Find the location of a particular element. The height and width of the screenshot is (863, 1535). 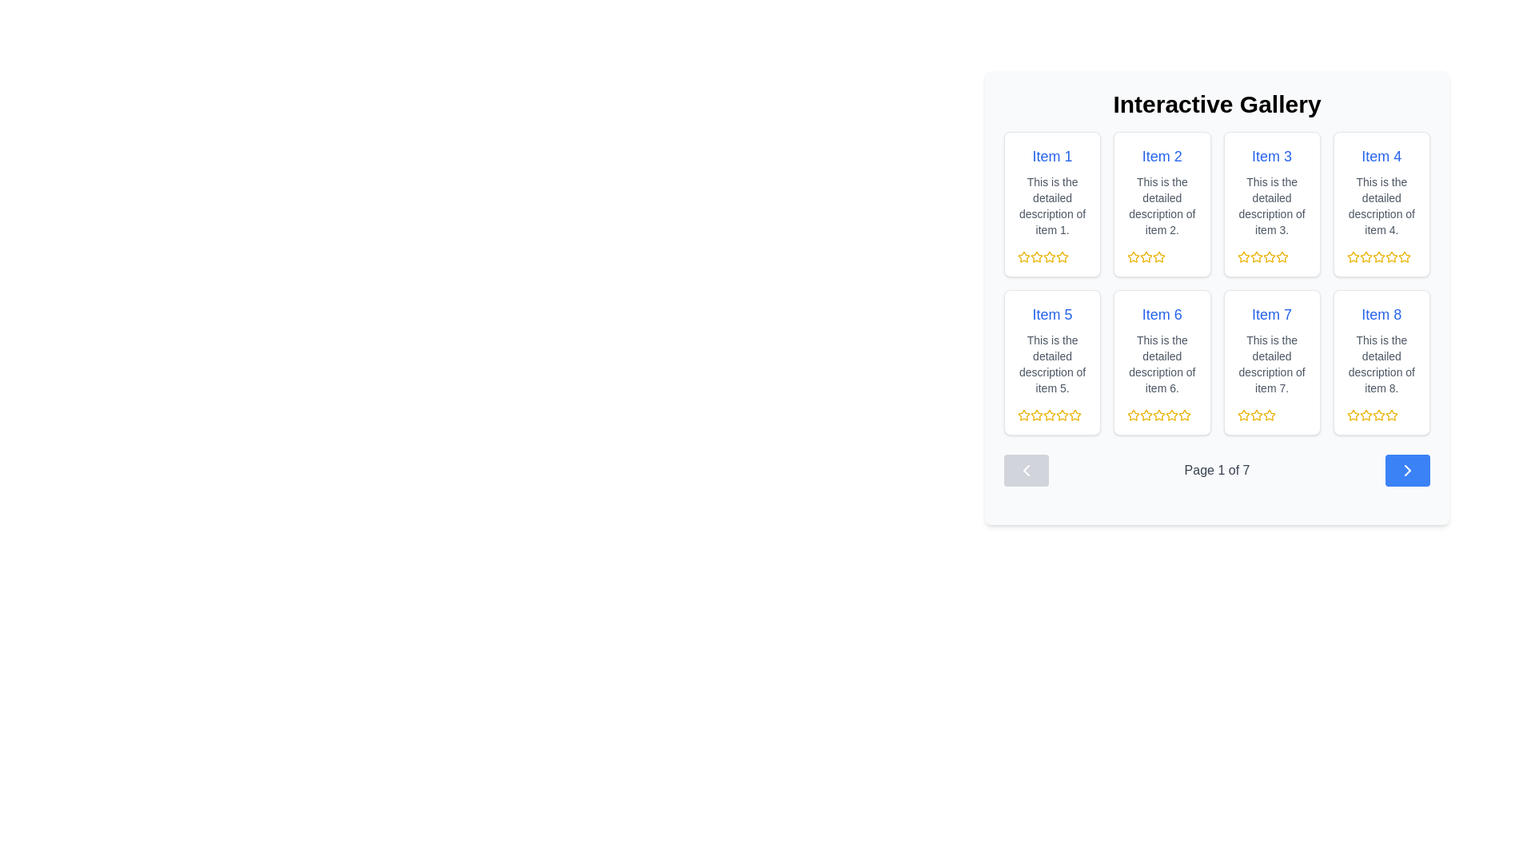

the second star in the rating system located in the fourth slot of the first row of the gallery is located at coordinates (1352, 256).